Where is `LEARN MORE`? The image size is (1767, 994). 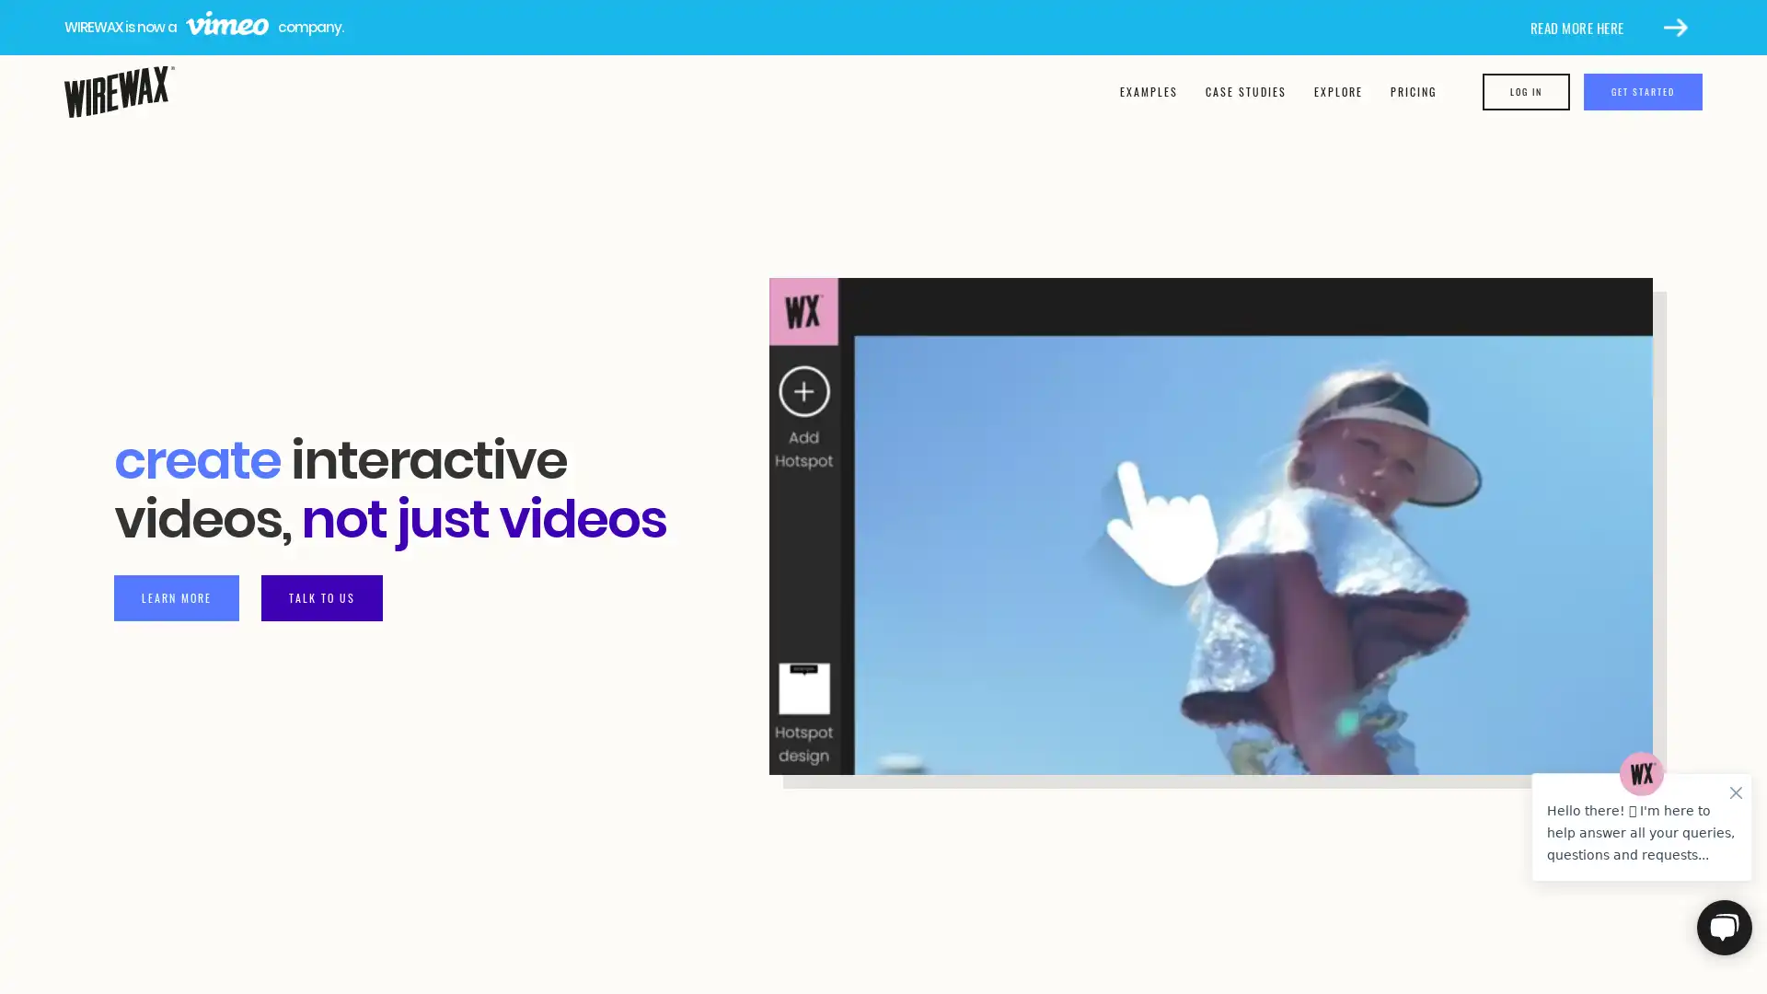 LEARN MORE is located at coordinates (177, 596).